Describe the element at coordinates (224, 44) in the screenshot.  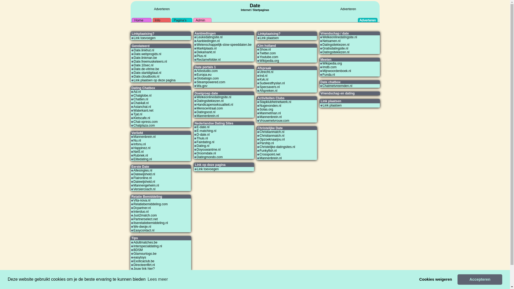
I see `'Wetenschappelijk-slow-speeddaten.be'` at that location.